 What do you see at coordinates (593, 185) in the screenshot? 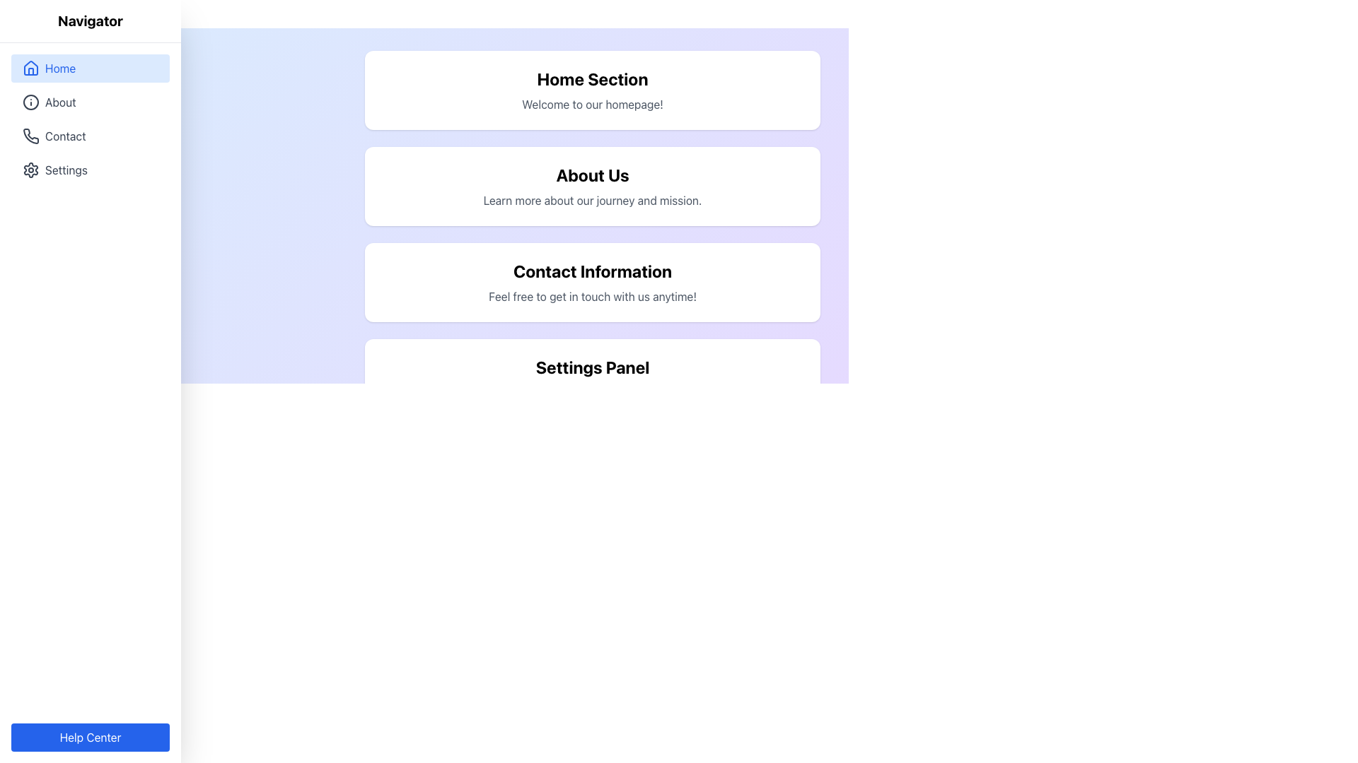
I see `the 'About Us' card, which is the second card in the vertical arrangement of informational components located in the center-right part of the interface` at bounding box center [593, 185].